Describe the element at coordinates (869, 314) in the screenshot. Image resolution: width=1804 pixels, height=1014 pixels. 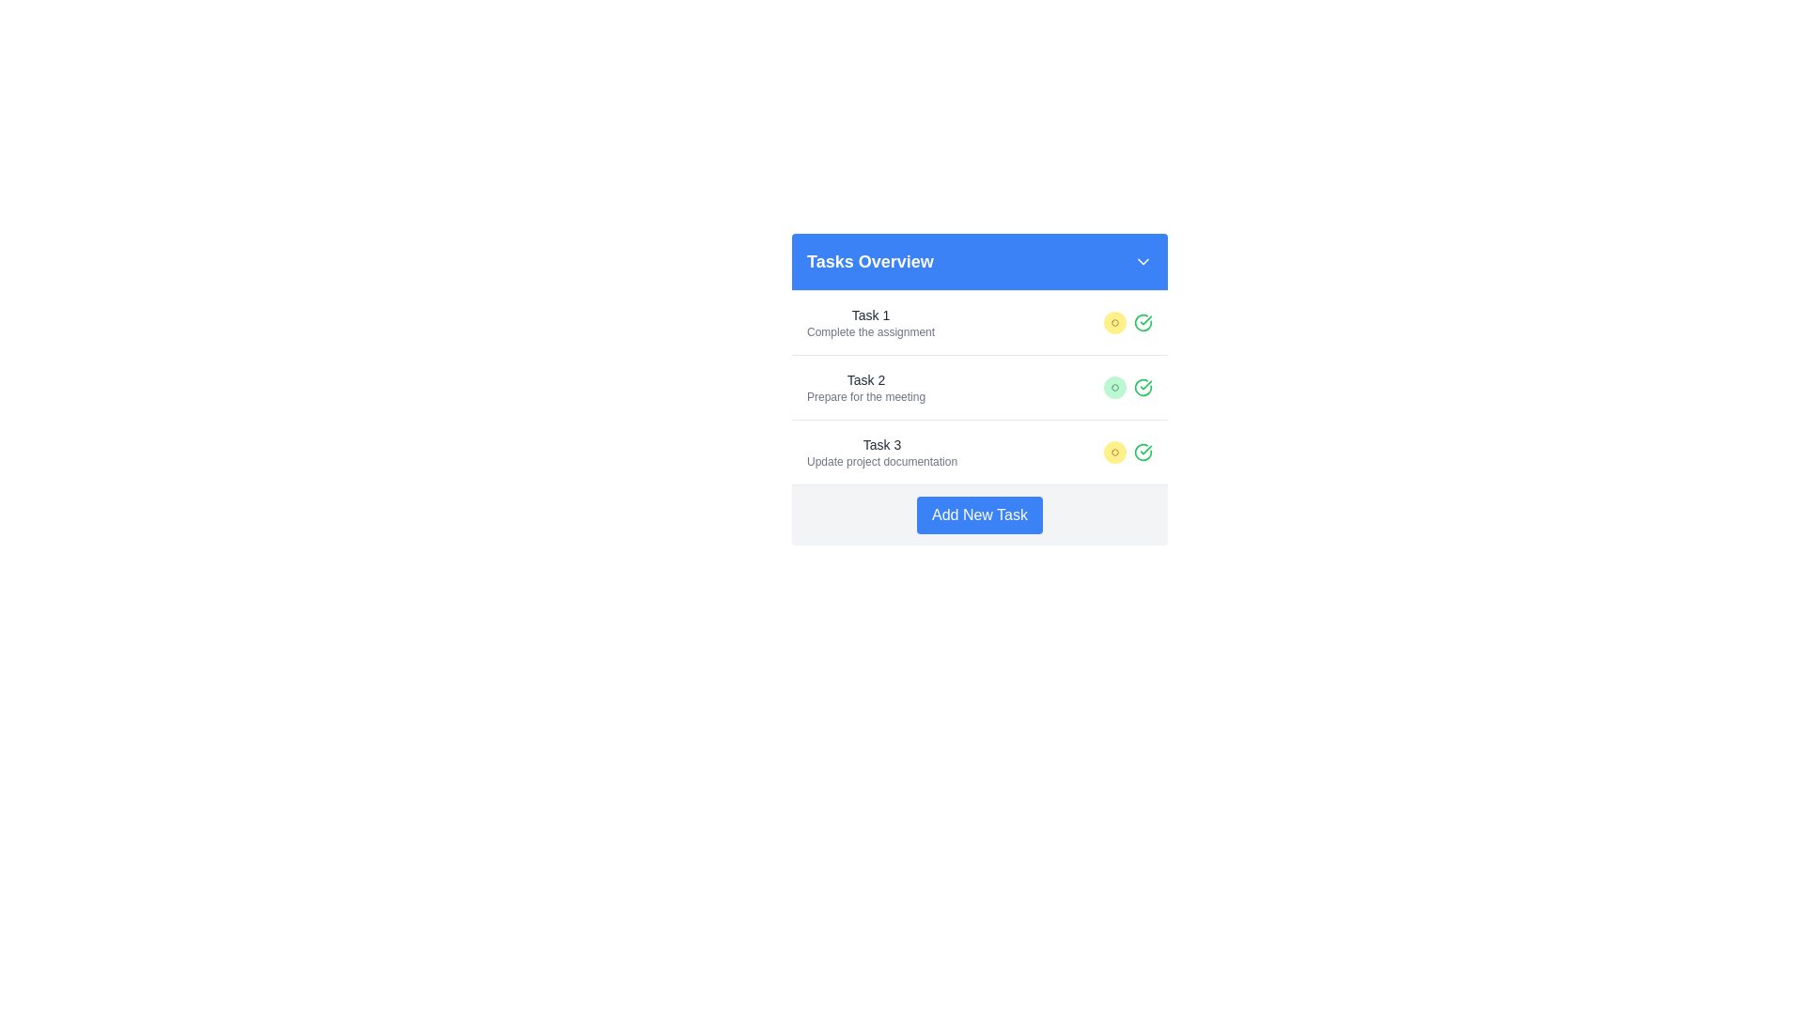
I see `the label with the text 'Task 1', which is a small textual label styled in medium-weight sans-serif font and dark gray color, positioned above the text 'Complete the assignment' in the first task's card` at that location.